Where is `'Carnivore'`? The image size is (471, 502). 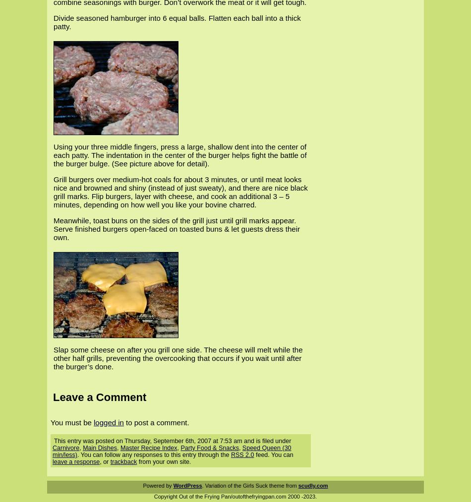 'Carnivore' is located at coordinates (66, 447).